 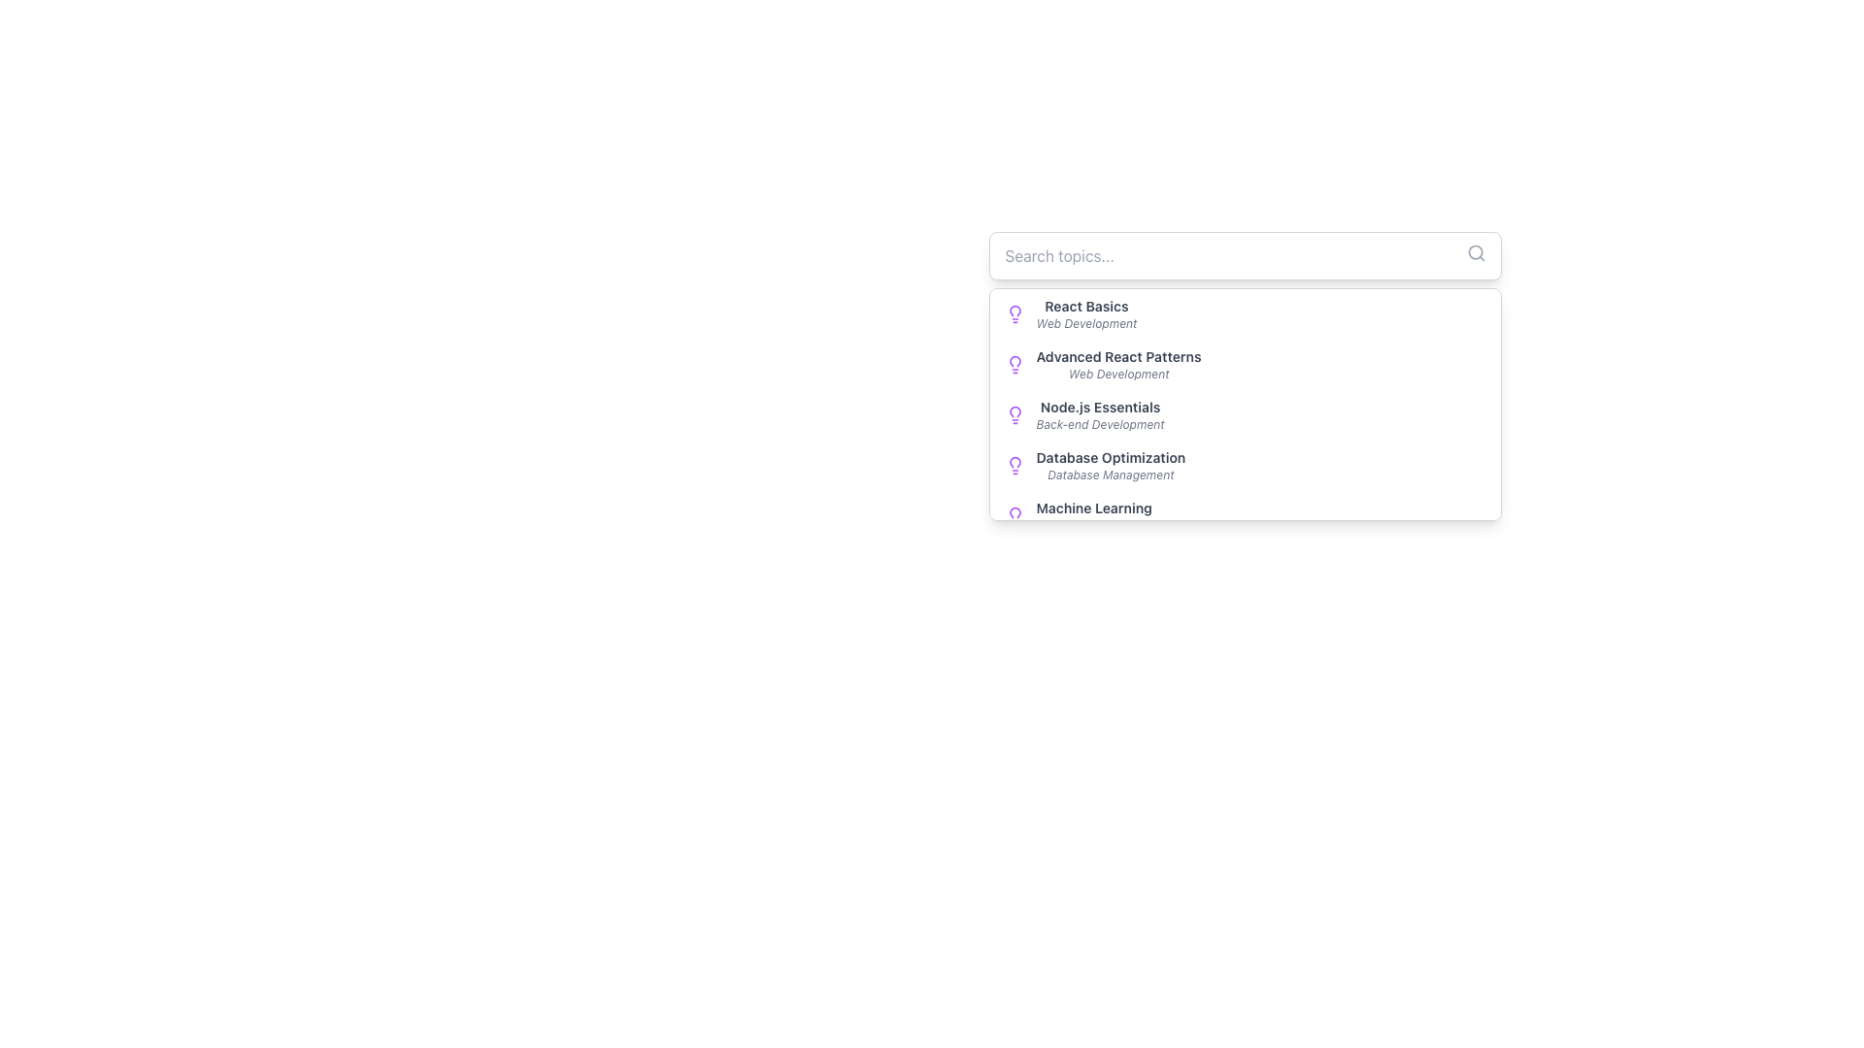 What do you see at coordinates (1100, 424) in the screenshot?
I see `the static text label providing additional context for 'Node.js Essentials' under 'Back-end Development', located directly below it in the third group of a vertical list` at bounding box center [1100, 424].